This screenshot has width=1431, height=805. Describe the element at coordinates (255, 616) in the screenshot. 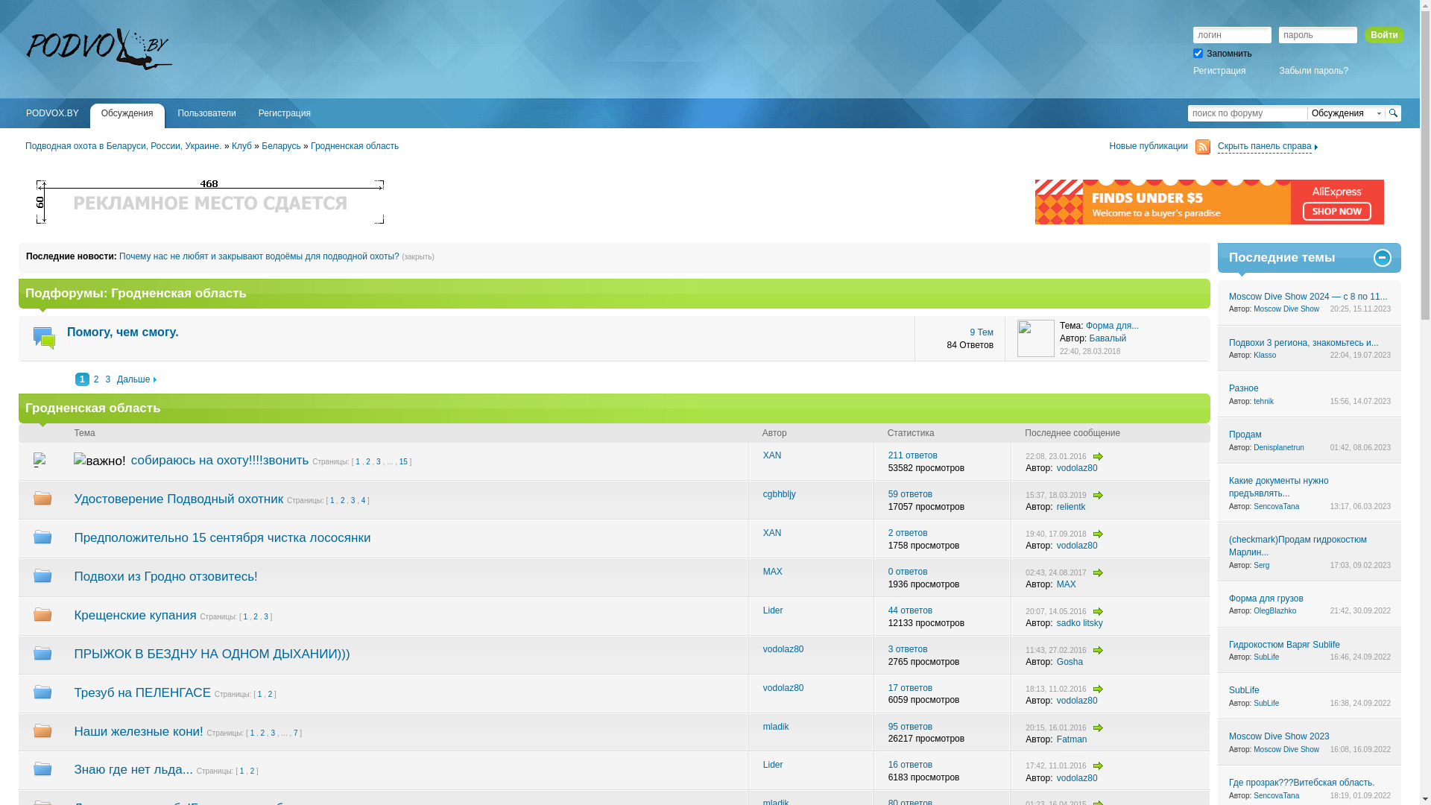

I see `'2'` at that location.